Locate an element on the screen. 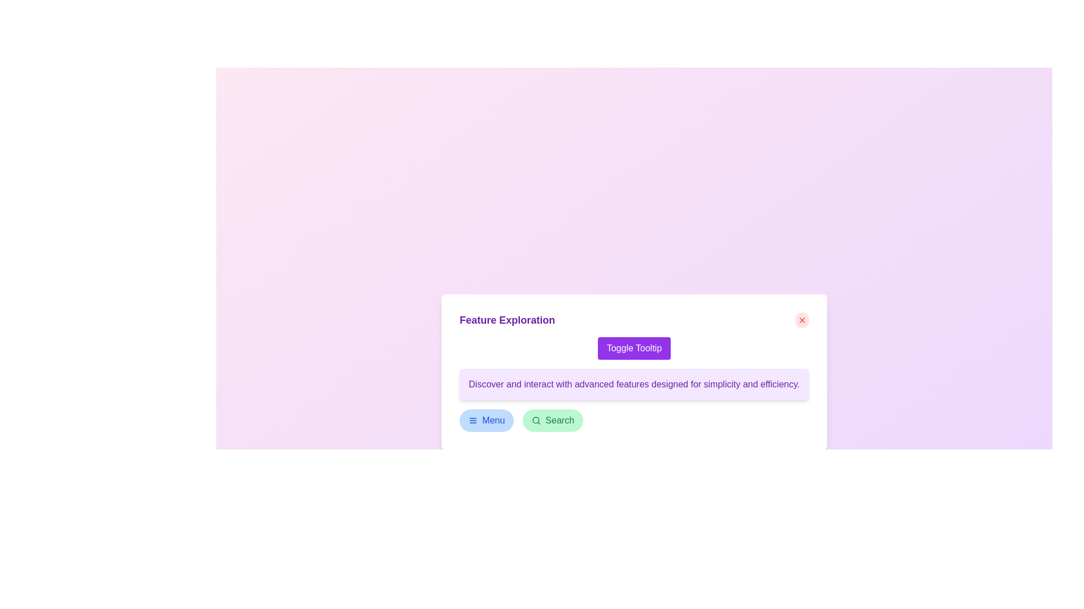  the search icon located within the rounded green button labeled 'Search' in the bottom-right section of the modal is located at coordinates (536, 420).